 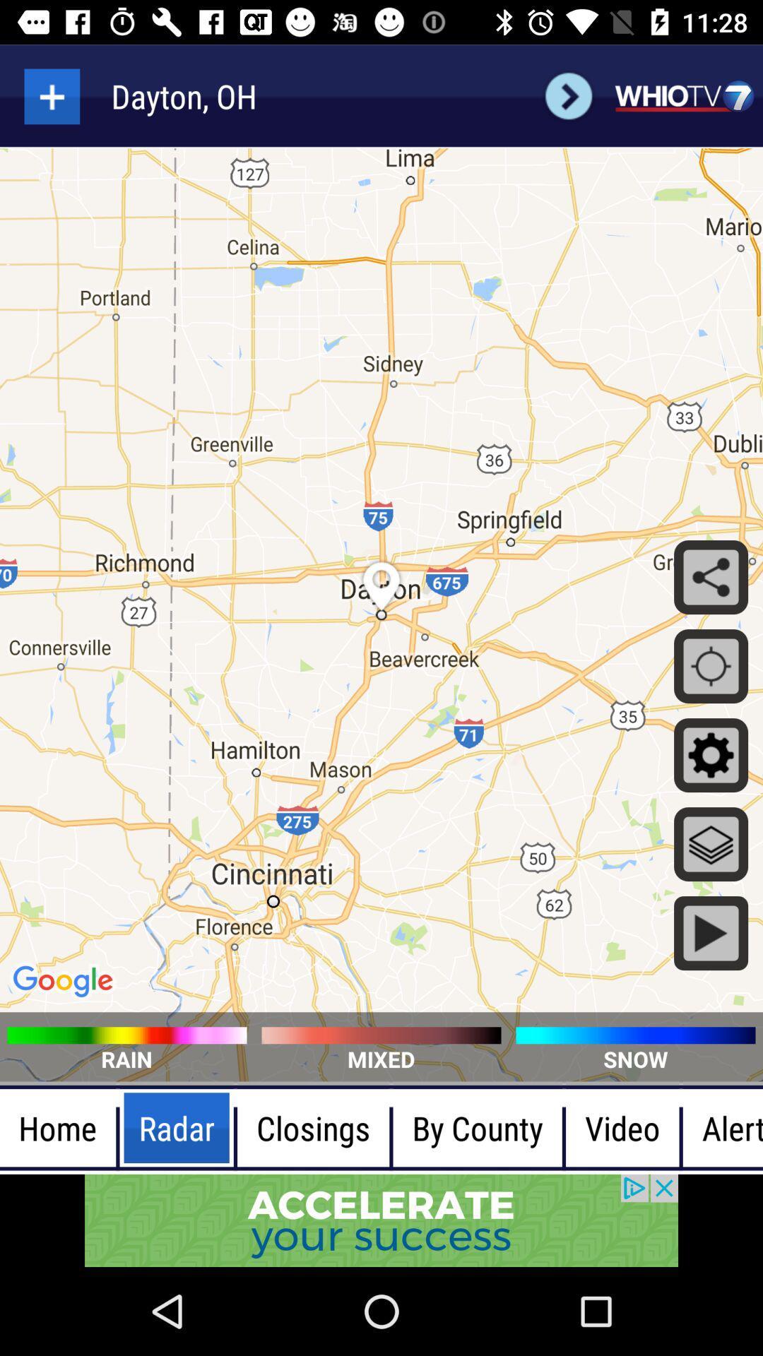 What do you see at coordinates (683, 95) in the screenshot?
I see `loads the app 's website` at bounding box center [683, 95].